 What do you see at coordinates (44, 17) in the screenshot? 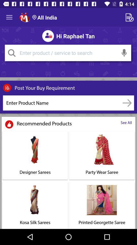
I see `the option which says all india` at bounding box center [44, 17].